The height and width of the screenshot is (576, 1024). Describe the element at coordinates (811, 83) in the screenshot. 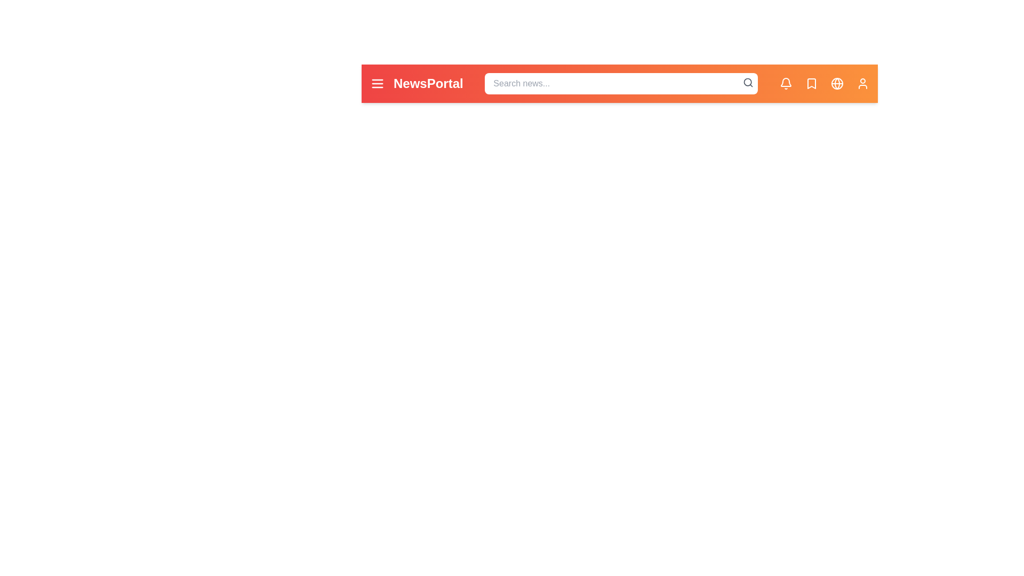

I see `the bookmark icon to view bookmarks` at that location.